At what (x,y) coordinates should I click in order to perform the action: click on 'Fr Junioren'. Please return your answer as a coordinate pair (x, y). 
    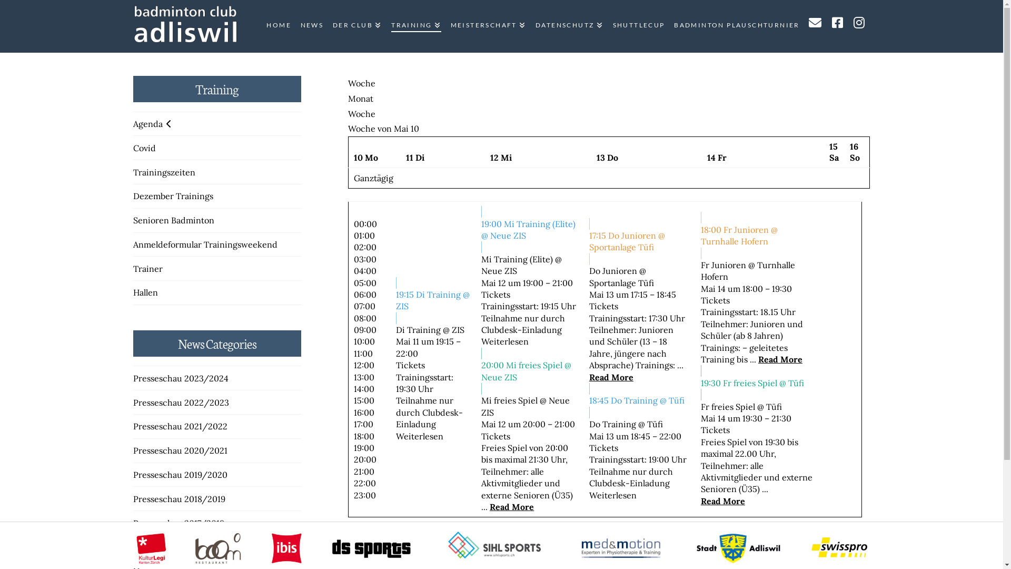
    Looking at the image, I should click on (722, 264).